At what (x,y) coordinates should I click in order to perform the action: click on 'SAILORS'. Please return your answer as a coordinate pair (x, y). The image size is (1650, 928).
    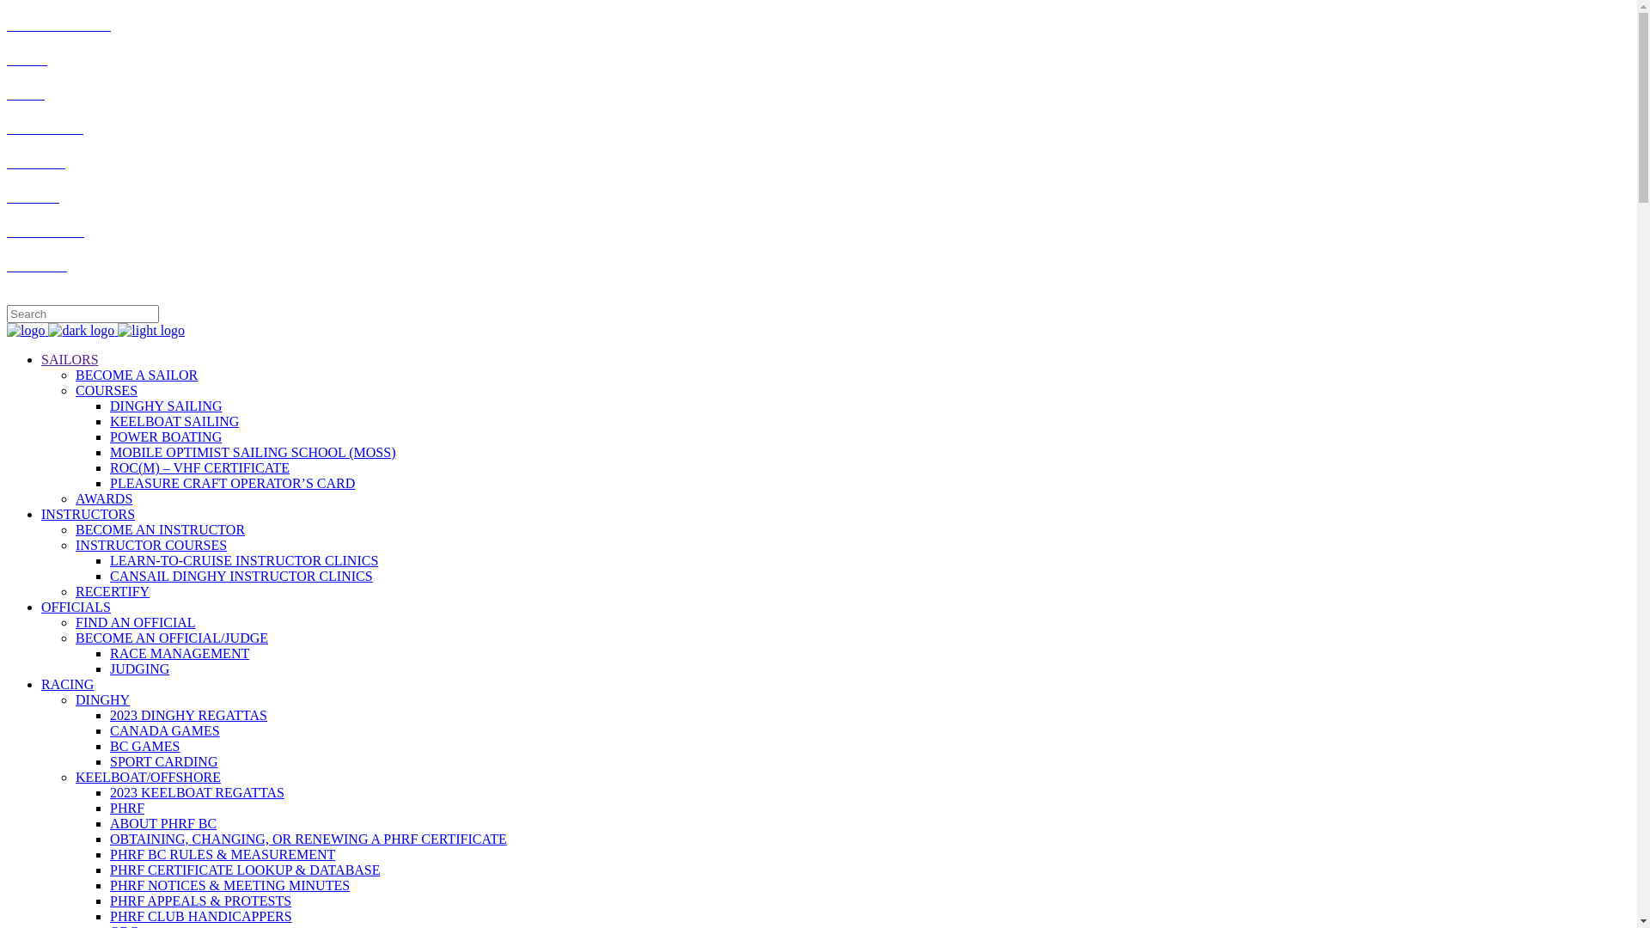
    Looking at the image, I should click on (69, 358).